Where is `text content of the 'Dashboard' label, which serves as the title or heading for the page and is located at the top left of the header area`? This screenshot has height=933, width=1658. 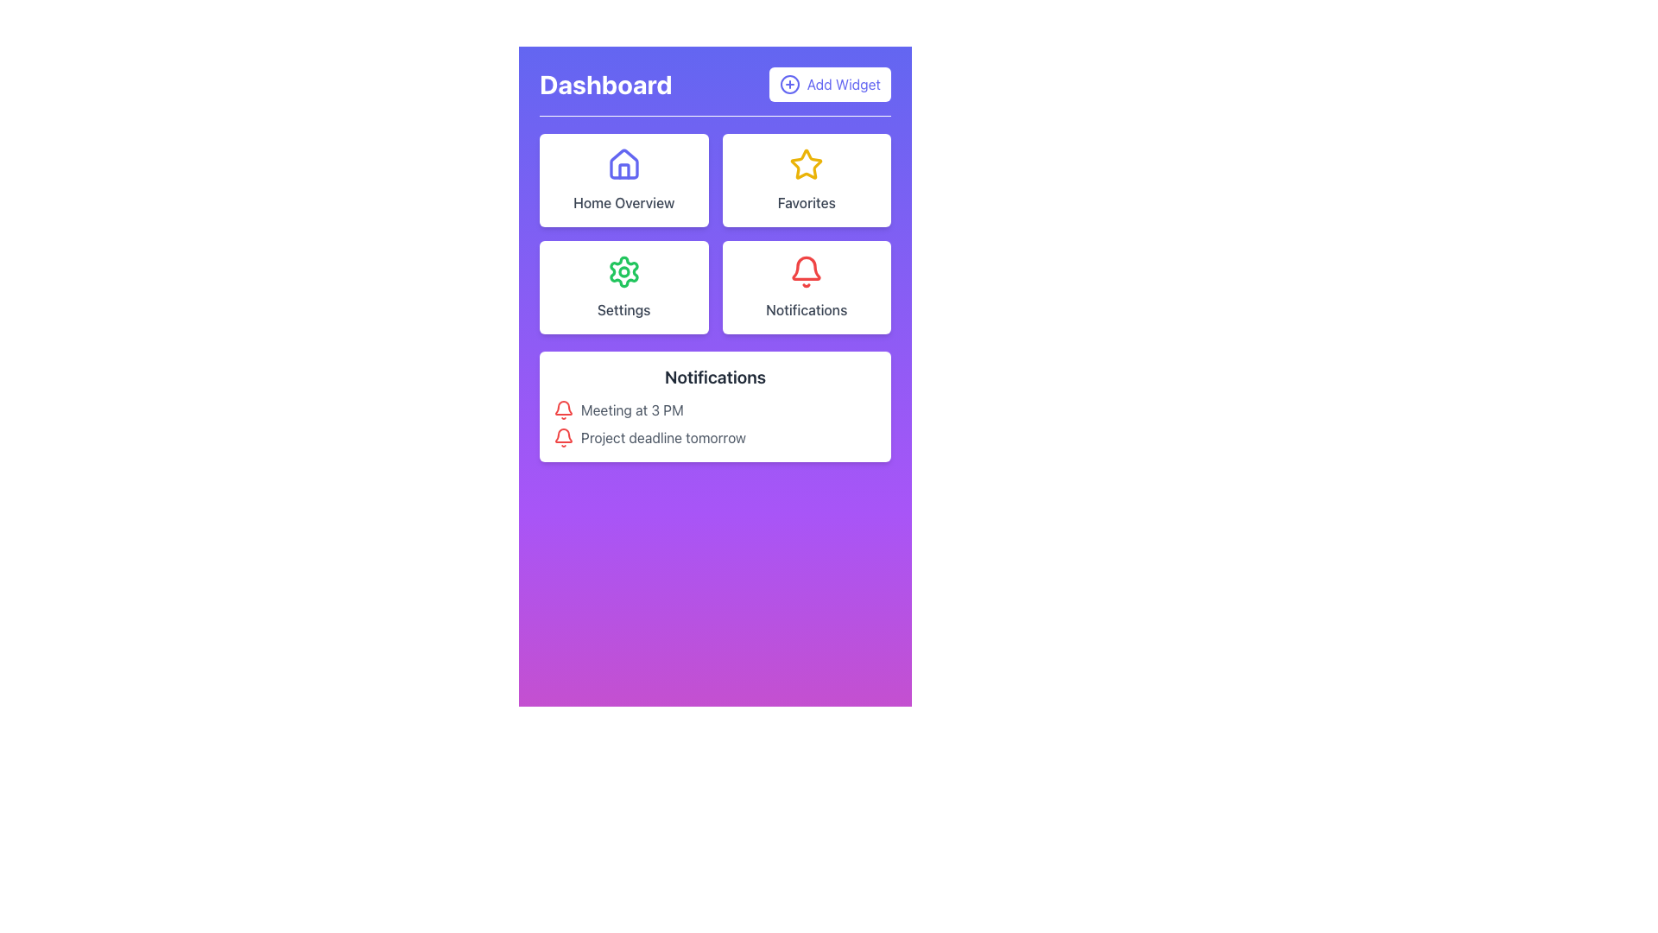
text content of the 'Dashboard' label, which serves as the title or heading for the page and is located at the top left of the header area is located at coordinates (605, 84).